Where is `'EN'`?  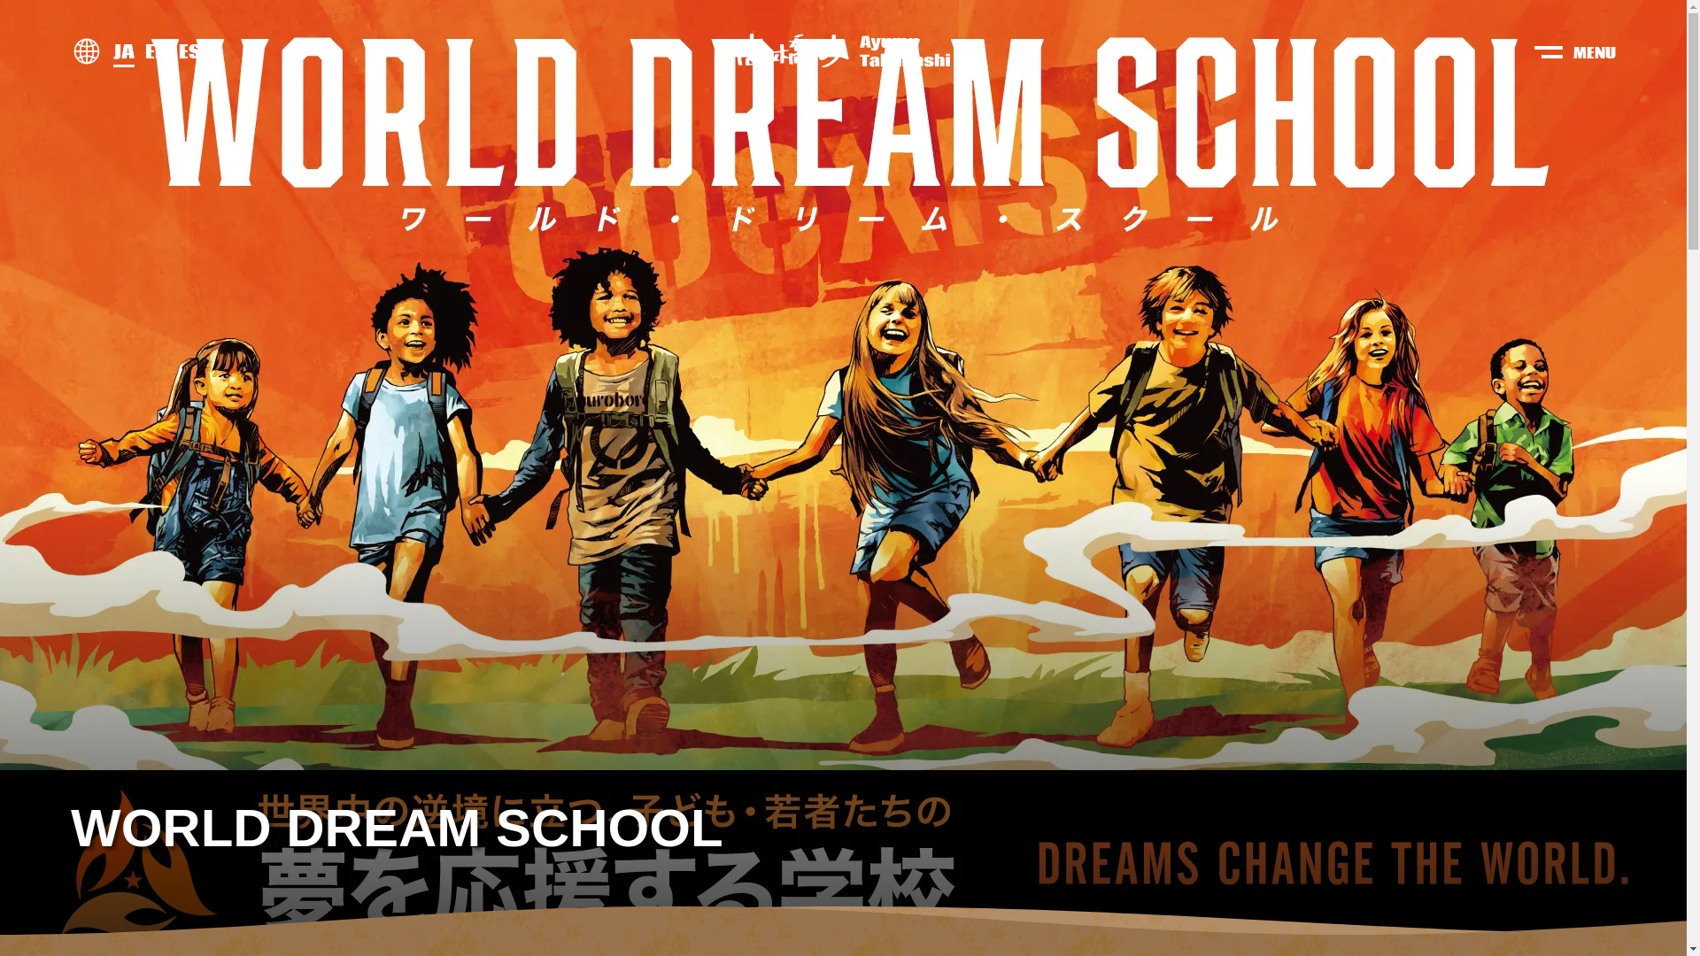
'EN' is located at coordinates (157, 50).